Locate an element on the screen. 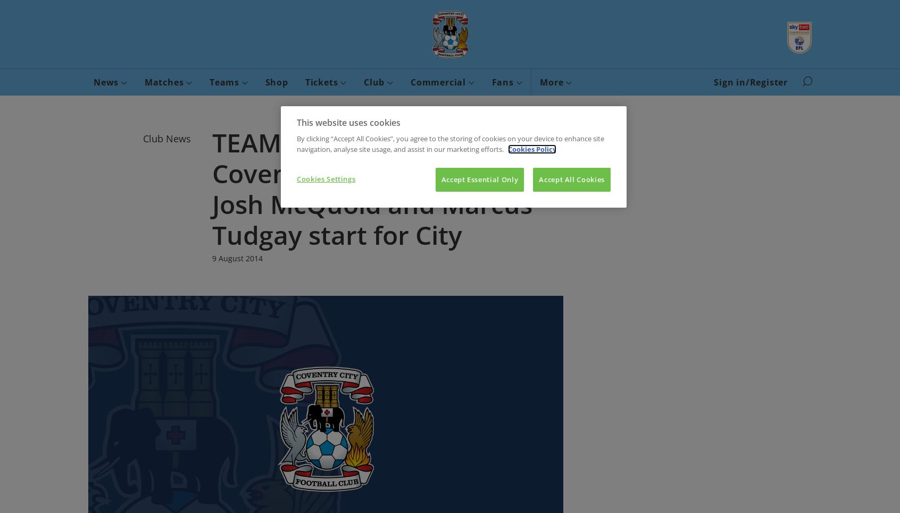 Image resolution: width=900 pixels, height=513 pixels. 'Matches' is located at coordinates (164, 82).